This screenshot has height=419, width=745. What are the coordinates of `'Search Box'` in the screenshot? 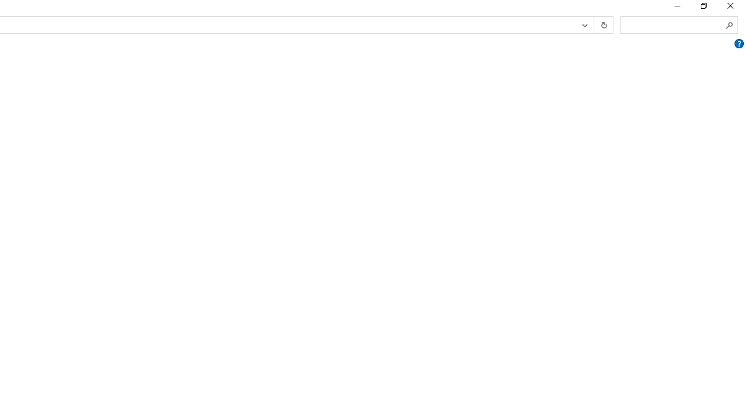 It's located at (673, 24).